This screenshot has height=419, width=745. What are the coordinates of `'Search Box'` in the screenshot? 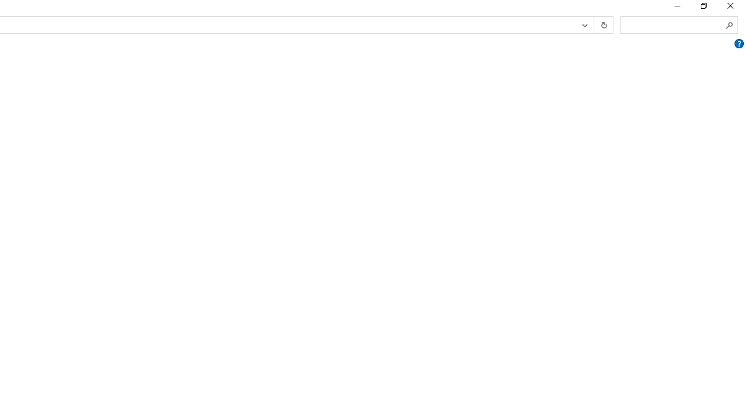 It's located at (673, 24).